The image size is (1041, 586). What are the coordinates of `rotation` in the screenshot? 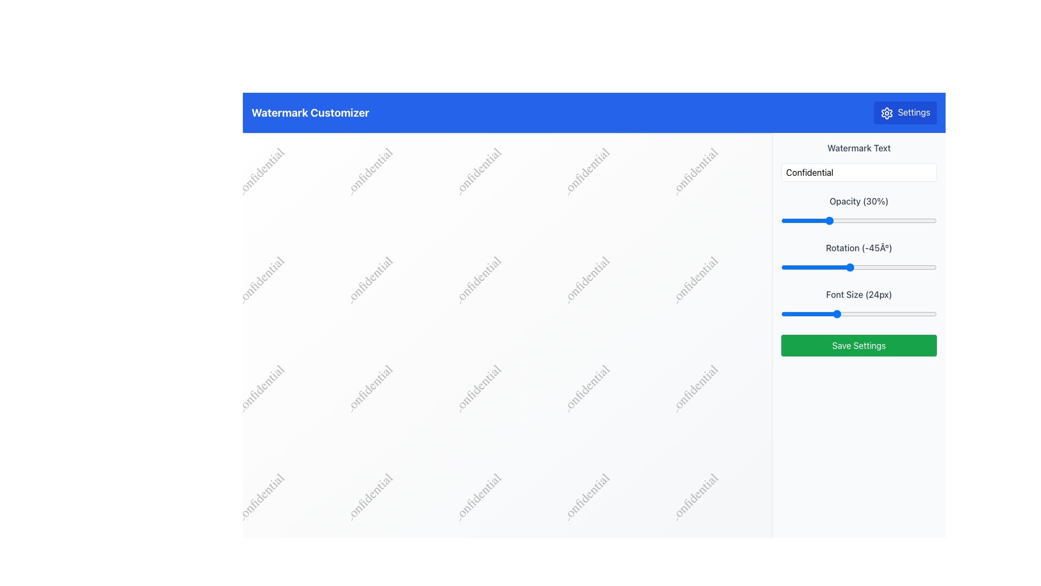 It's located at (811, 267).